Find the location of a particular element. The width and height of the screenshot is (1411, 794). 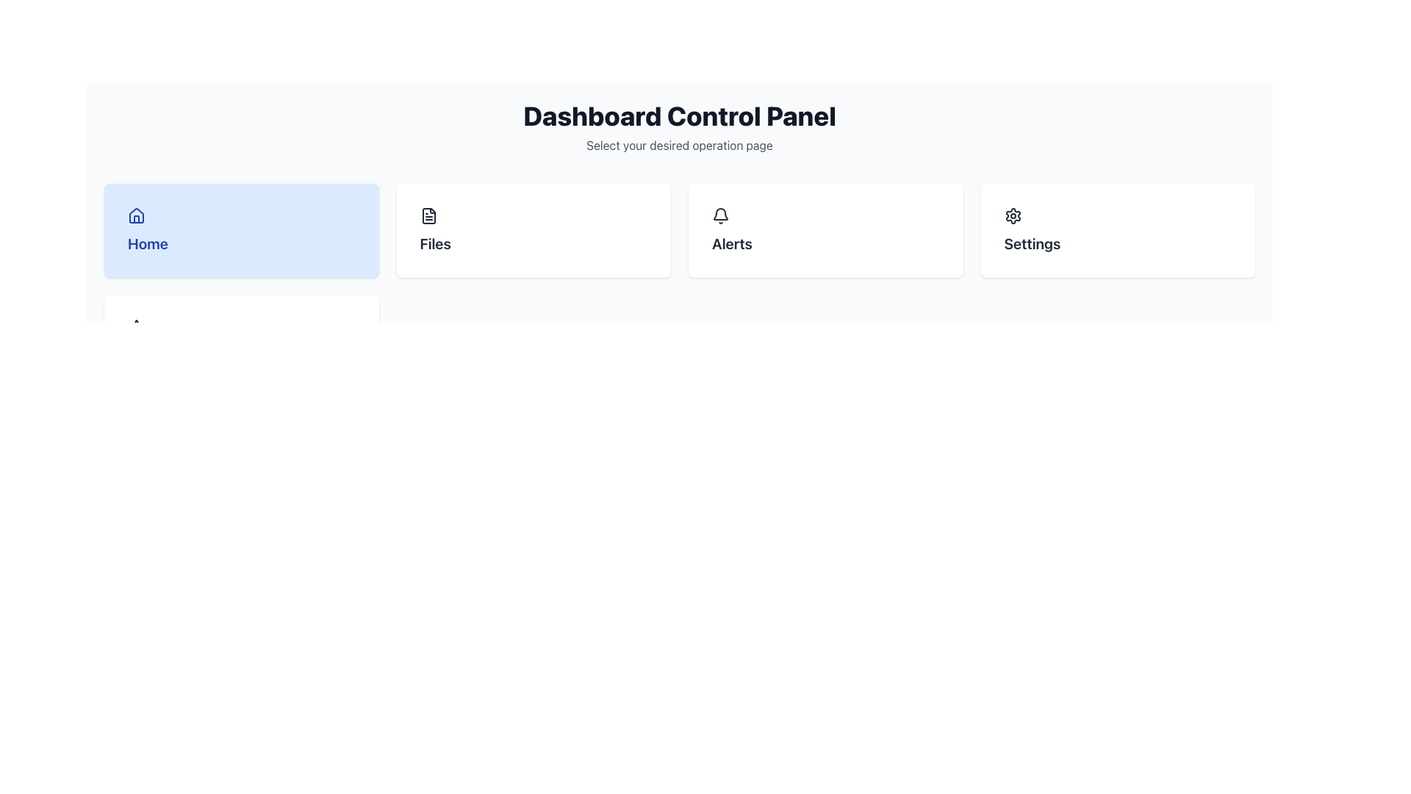

the settings icon located in the 'Settings' card of the 'Dashboard Control Panel', which is the fourth card from the left in the top right corner is located at coordinates (1012, 215).